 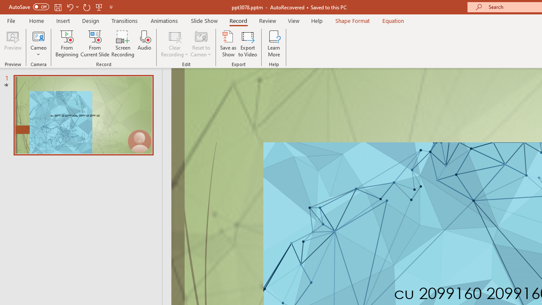 I want to click on 'Equation', so click(x=393, y=20).